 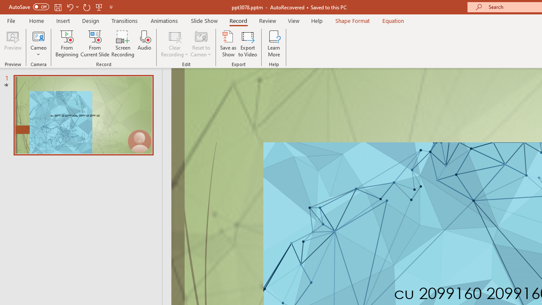 I want to click on 'Equation', so click(x=393, y=20).